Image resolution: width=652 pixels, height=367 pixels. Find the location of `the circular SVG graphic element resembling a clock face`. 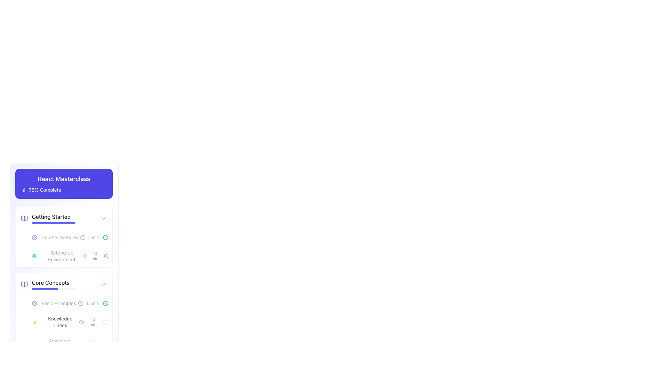

the circular SVG graphic element resembling a clock face is located at coordinates (85, 256).